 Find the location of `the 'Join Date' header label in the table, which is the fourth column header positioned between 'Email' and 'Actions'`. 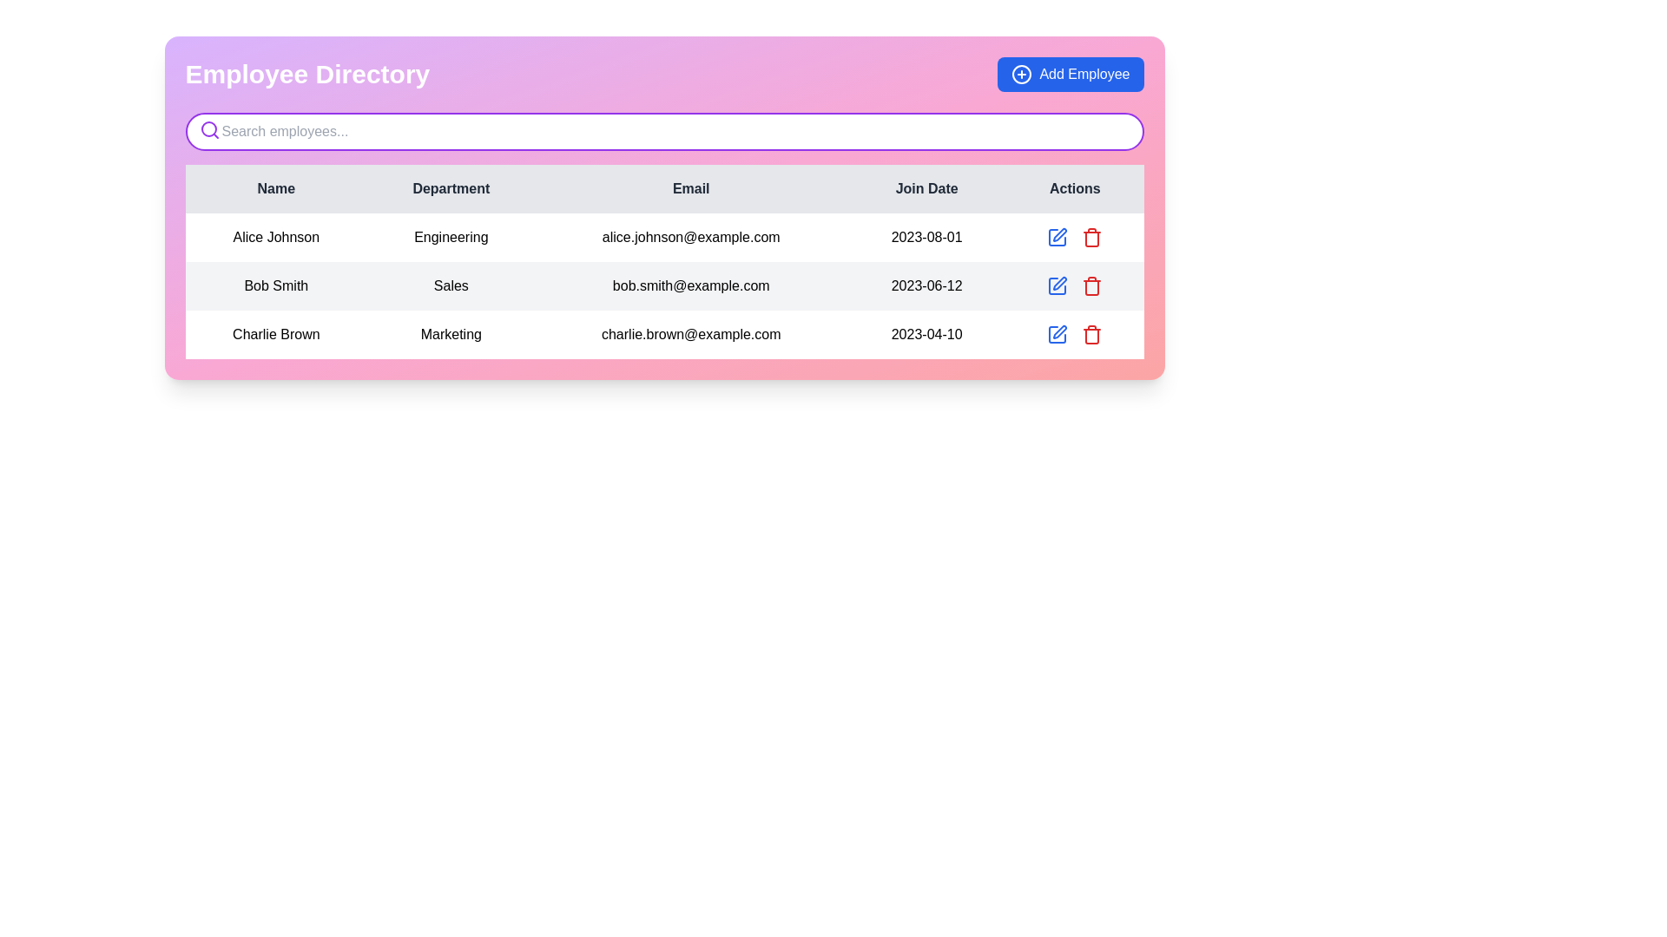

the 'Join Date' header label in the table, which is the fourth column header positioned between 'Email' and 'Actions' is located at coordinates (926, 189).